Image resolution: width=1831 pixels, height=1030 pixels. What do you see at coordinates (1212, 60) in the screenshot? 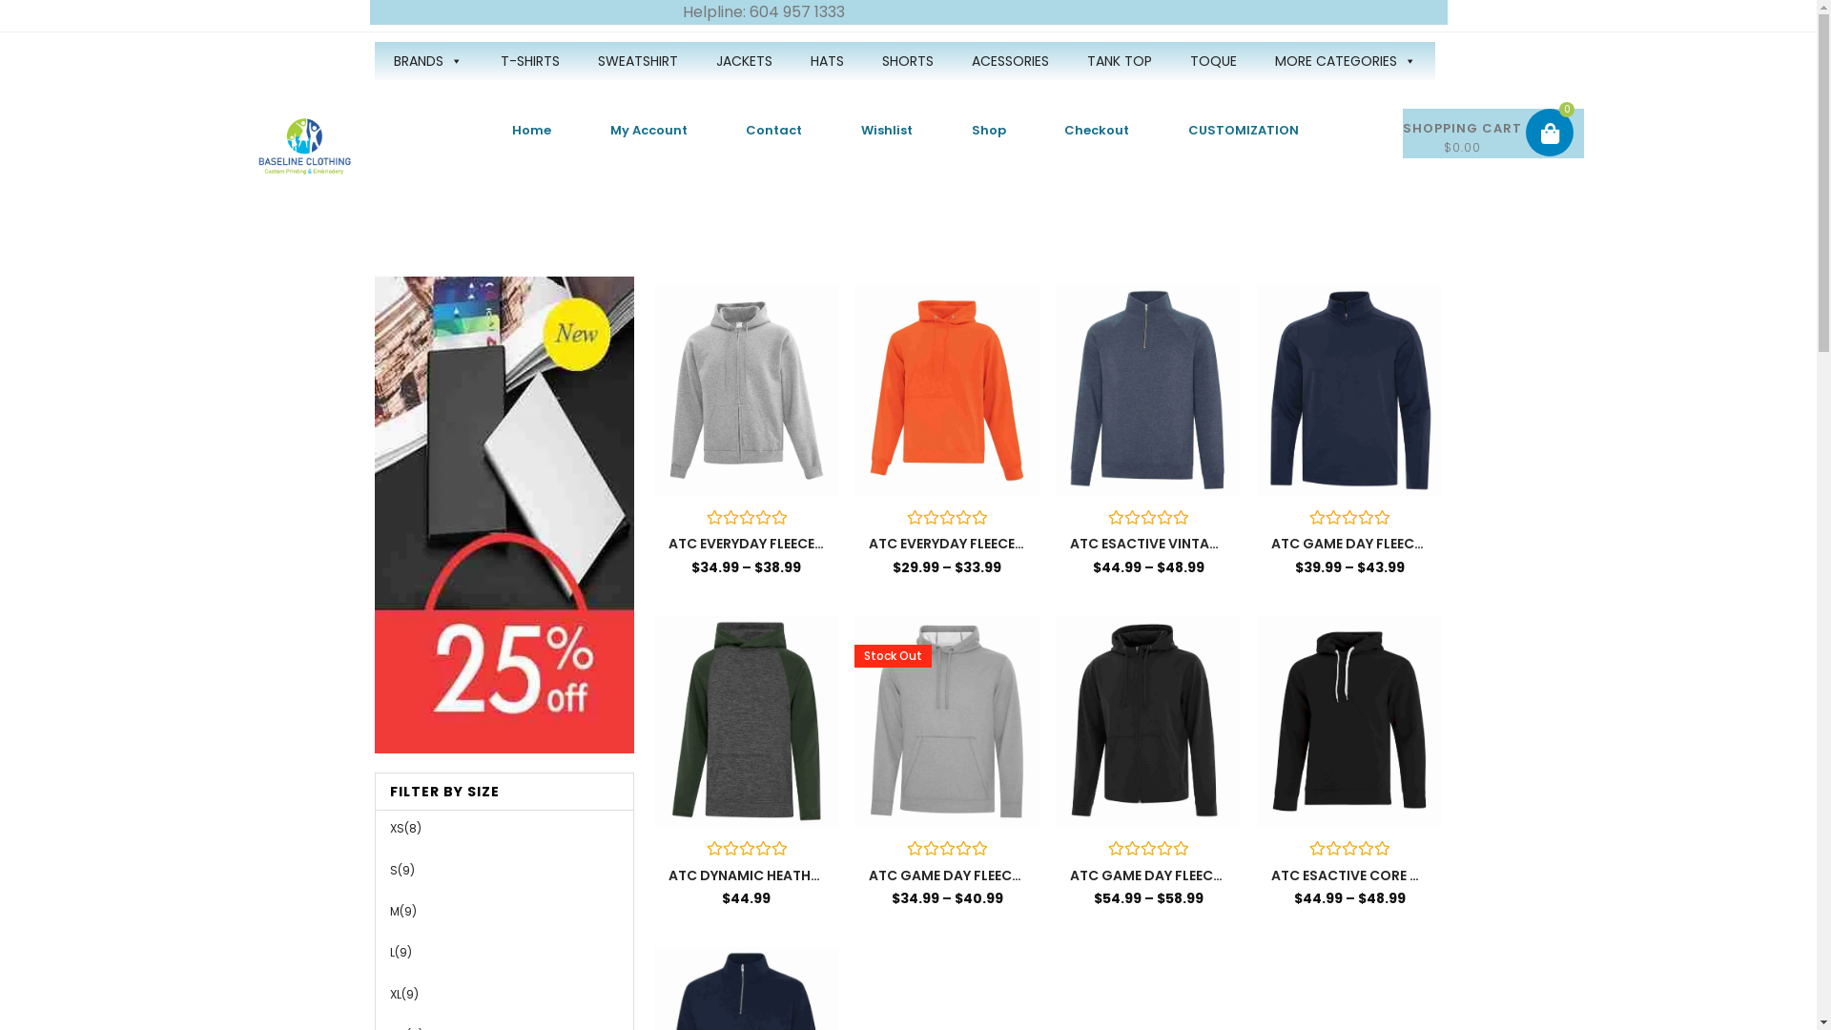
I see `'TOQUE'` at bounding box center [1212, 60].